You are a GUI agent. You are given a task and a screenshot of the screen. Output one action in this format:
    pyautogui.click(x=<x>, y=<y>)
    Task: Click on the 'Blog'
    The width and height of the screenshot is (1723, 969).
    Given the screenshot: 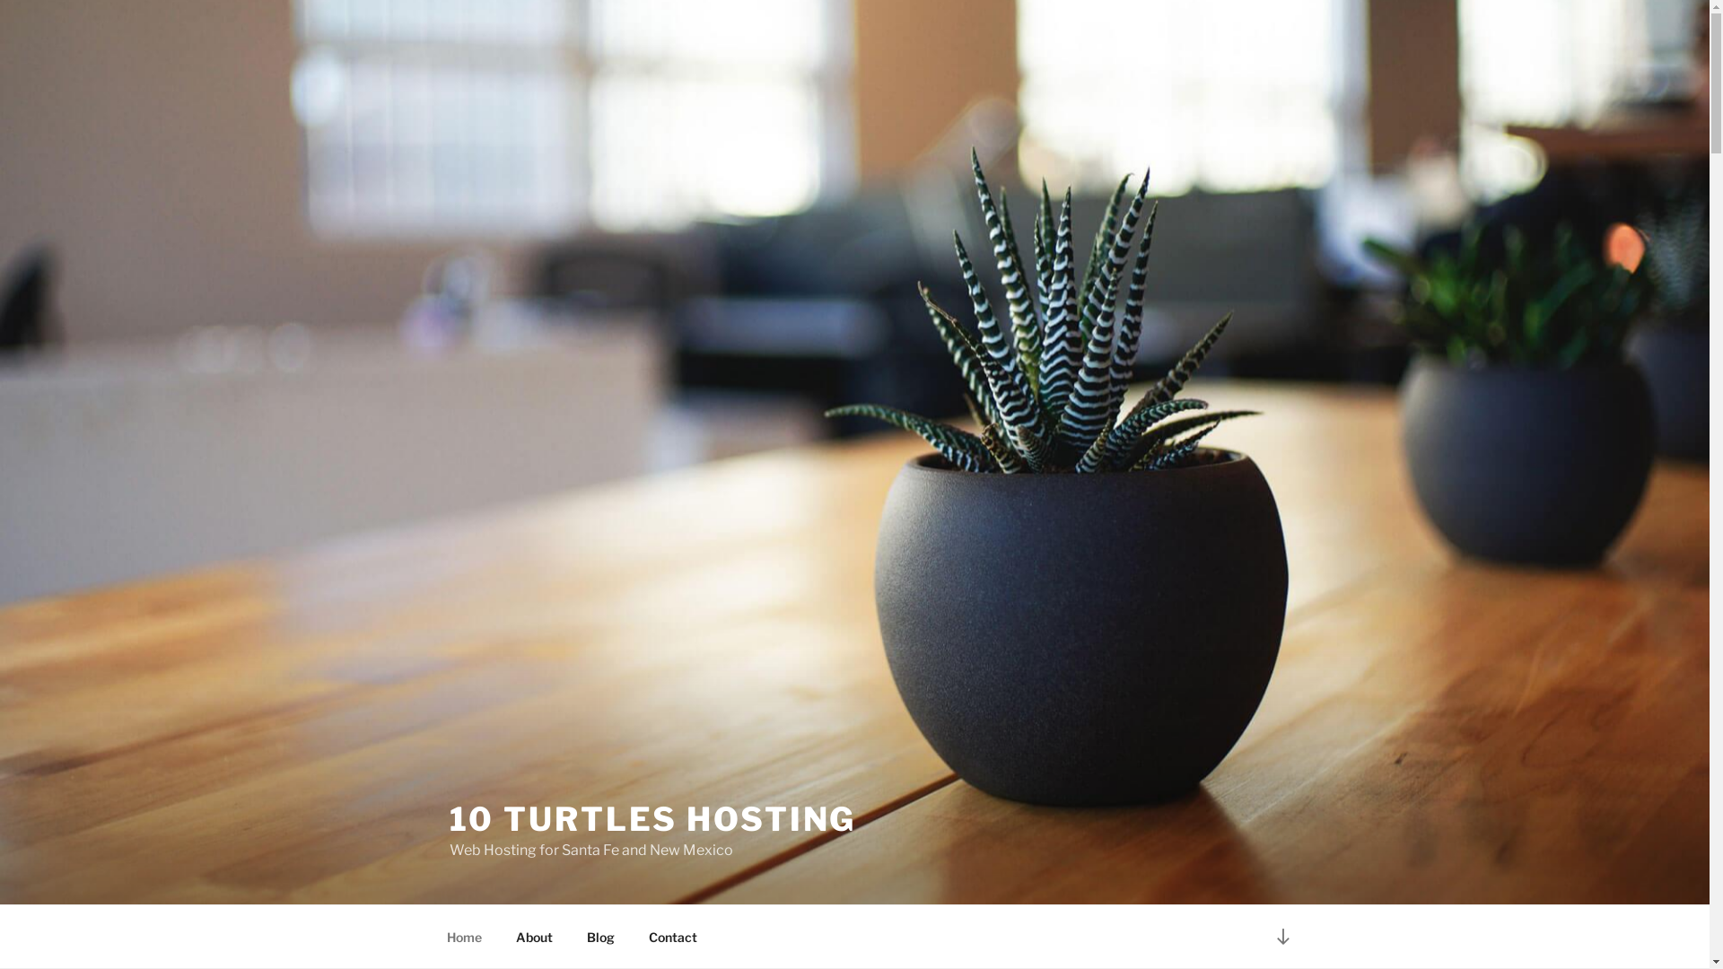 What is the action you would take?
    pyautogui.click(x=599, y=936)
    